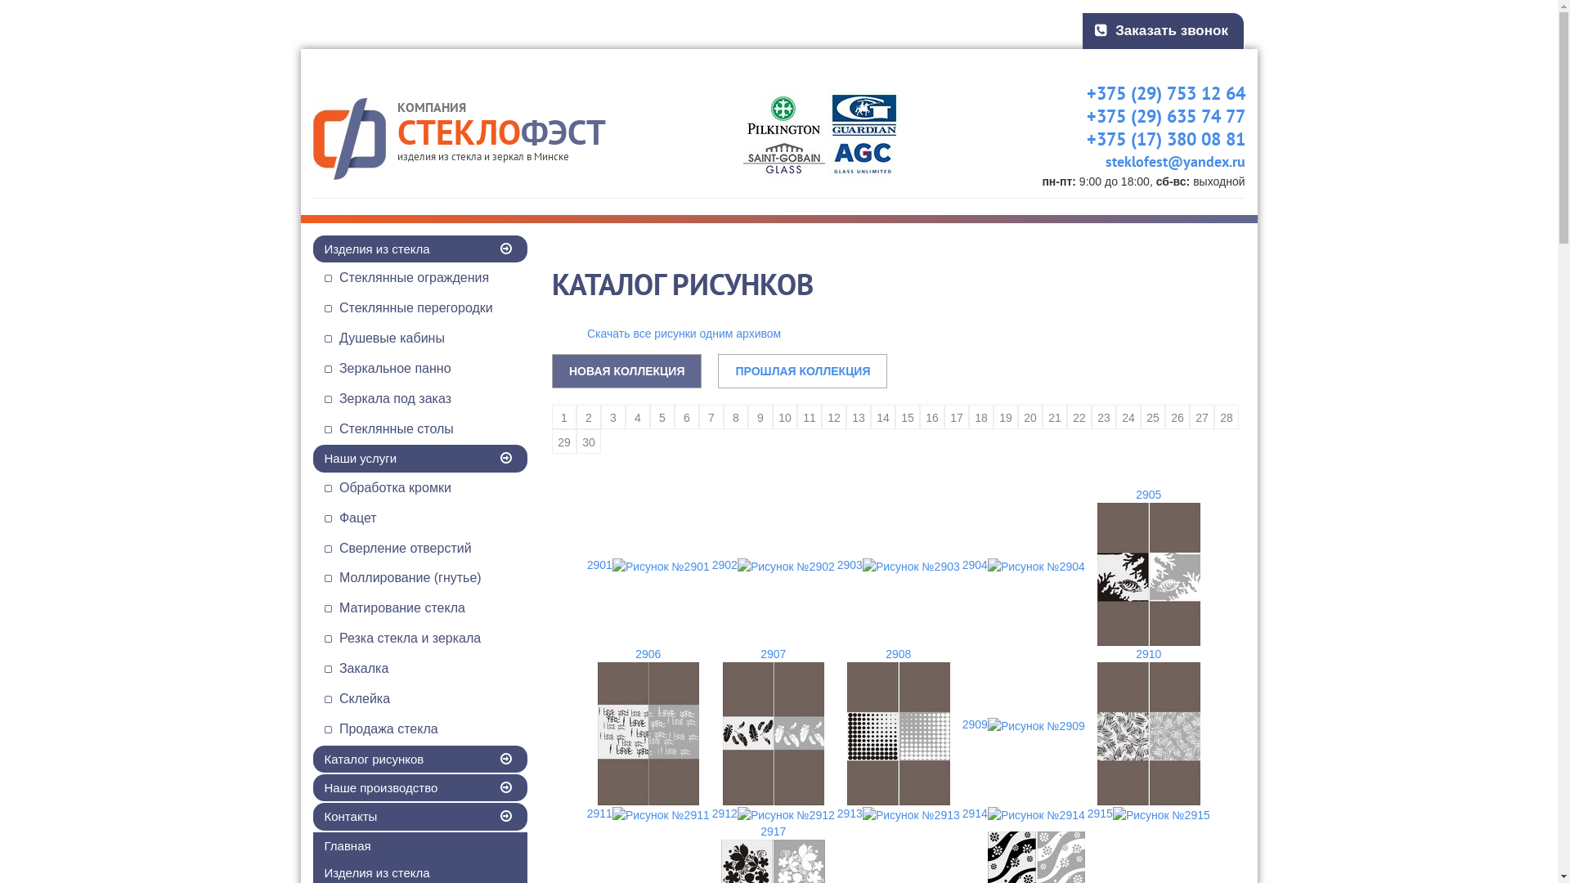 The height and width of the screenshot is (883, 1570). I want to click on 'steklofest@yandex.ru', so click(1160, 161).